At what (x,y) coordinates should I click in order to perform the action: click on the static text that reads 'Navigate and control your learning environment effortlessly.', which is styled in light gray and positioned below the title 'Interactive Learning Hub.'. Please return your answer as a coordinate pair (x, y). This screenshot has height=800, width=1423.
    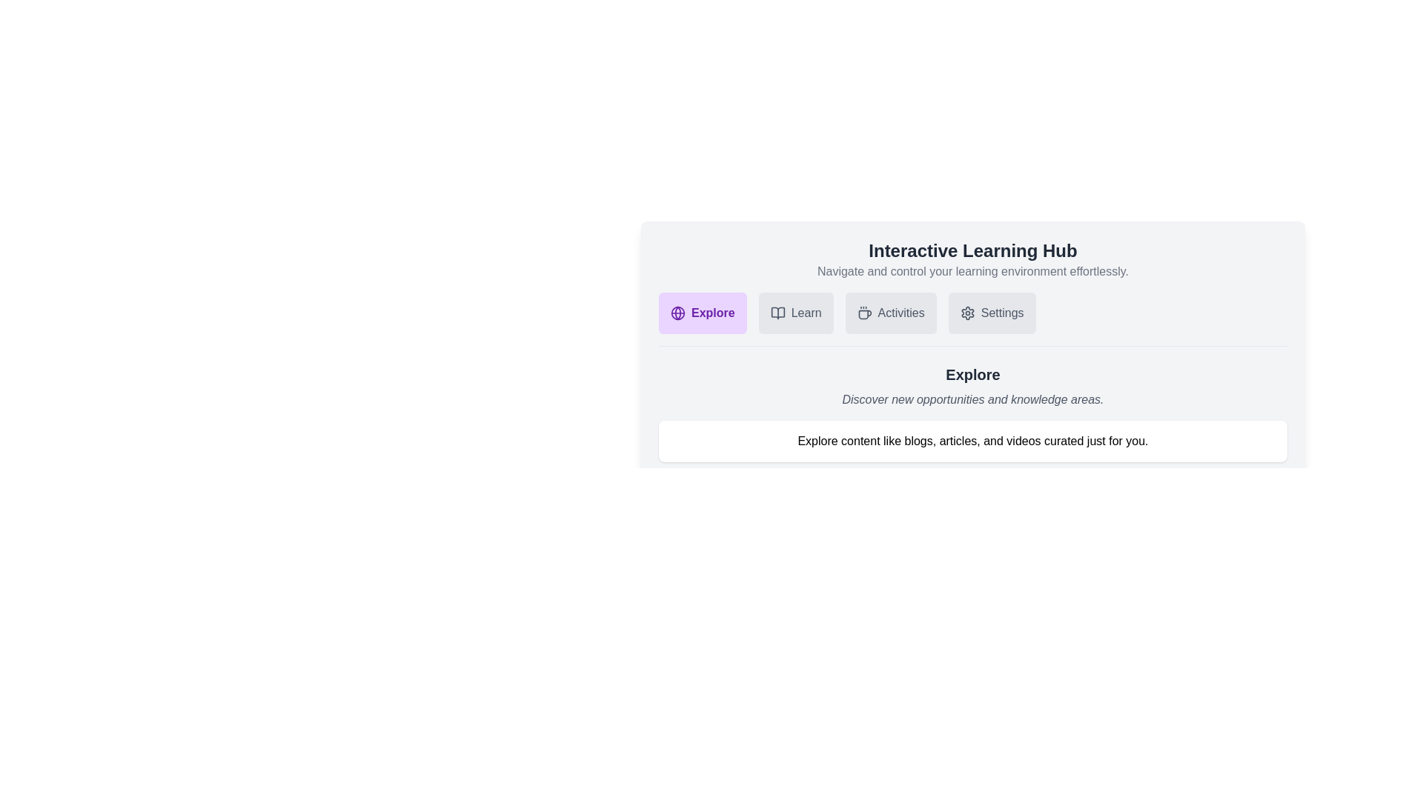
    Looking at the image, I should click on (973, 271).